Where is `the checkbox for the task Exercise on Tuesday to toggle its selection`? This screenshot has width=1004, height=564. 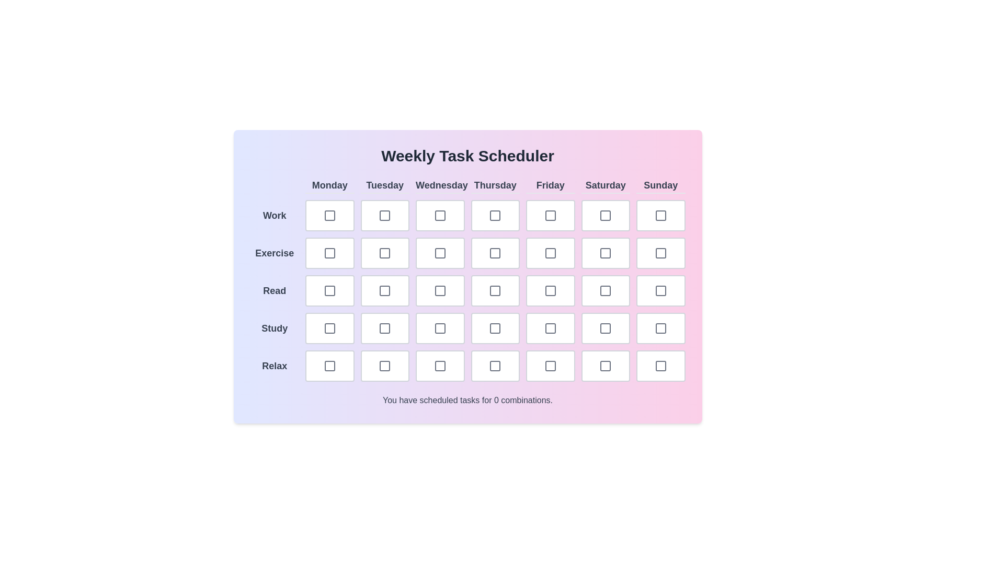
the checkbox for the task Exercise on Tuesday to toggle its selection is located at coordinates (384, 253).